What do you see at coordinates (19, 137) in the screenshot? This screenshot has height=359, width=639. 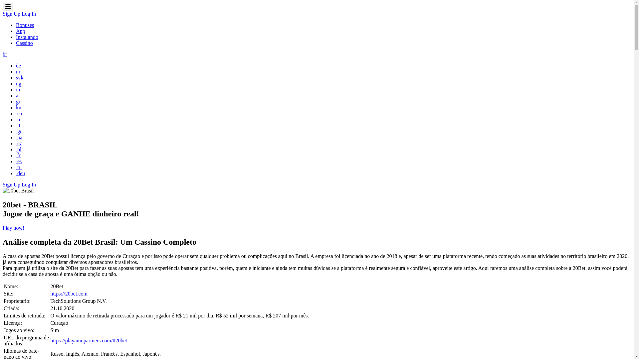 I see `'ua'` at bounding box center [19, 137].